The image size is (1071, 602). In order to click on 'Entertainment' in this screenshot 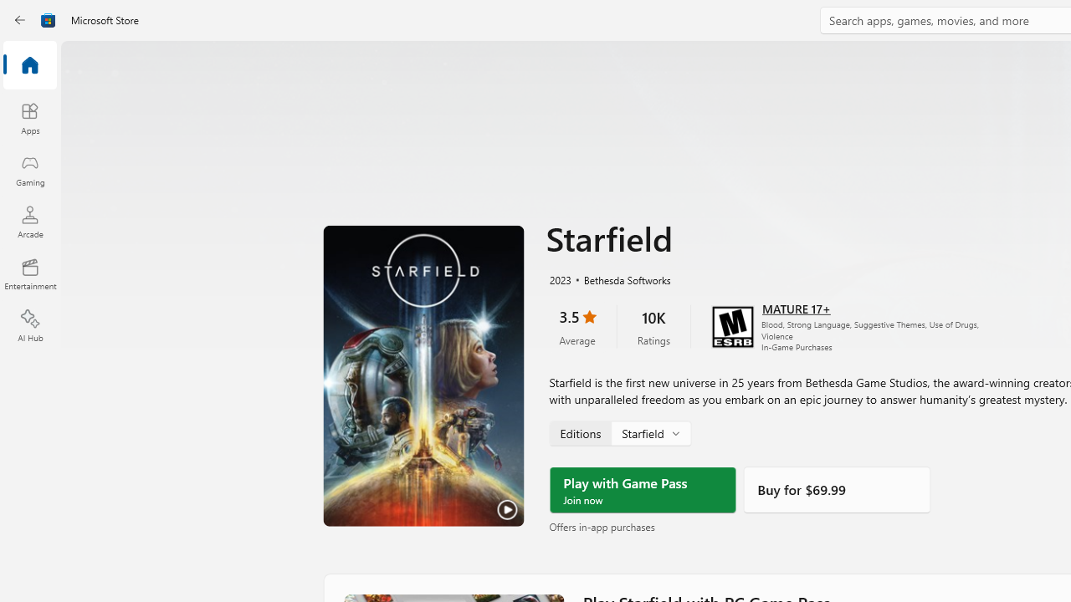, I will do `click(29, 273)`.